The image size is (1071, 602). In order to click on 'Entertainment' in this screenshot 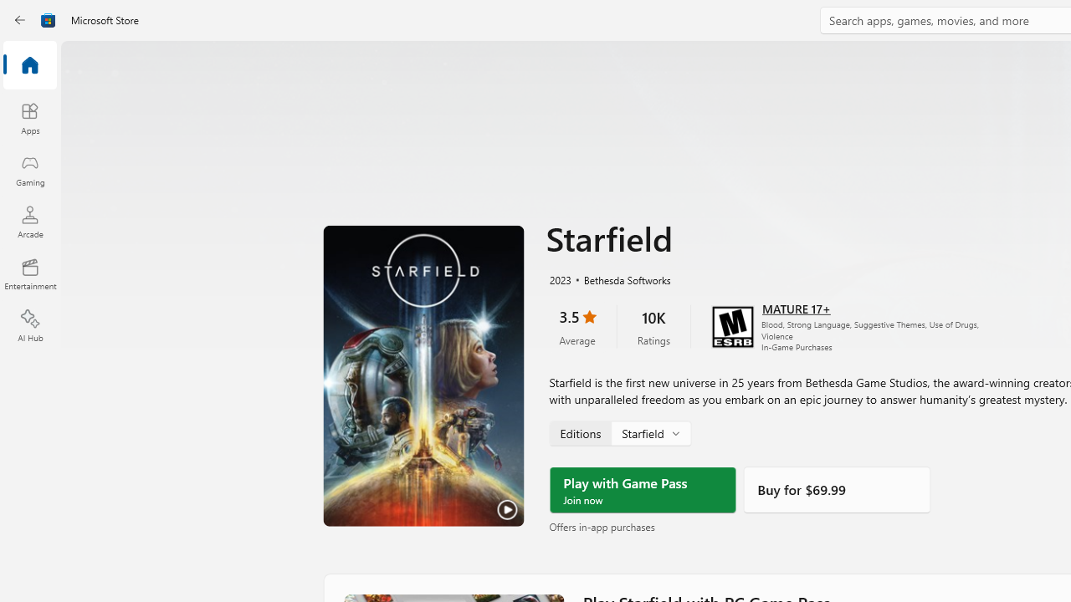, I will do `click(29, 273)`.